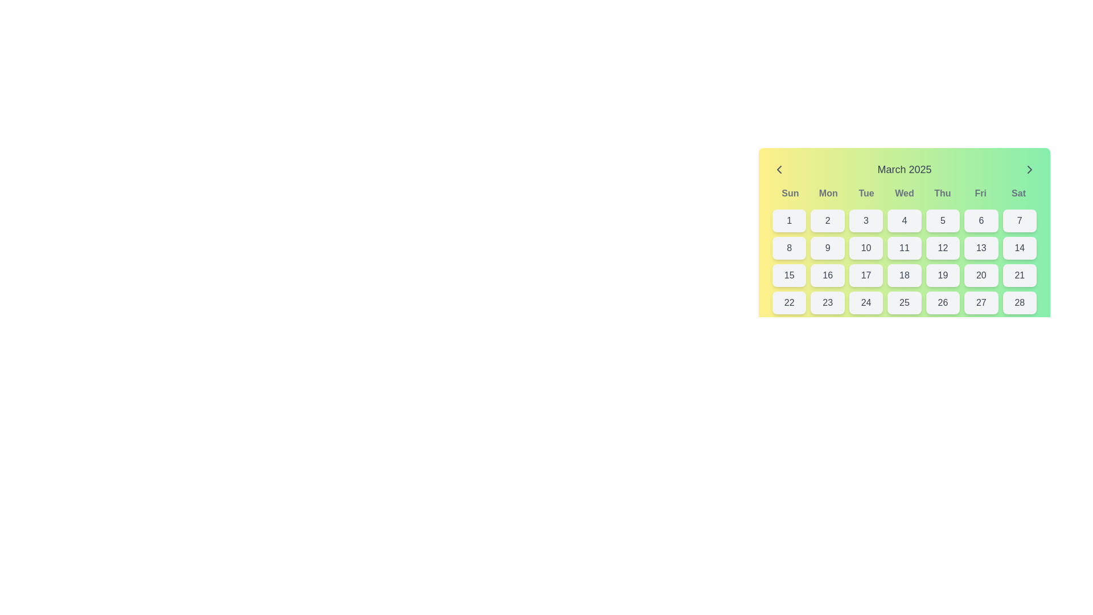  Describe the element at coordinates (980, 302) in the screenshot. I see `the button displaying '27' in the sixth row and sixth column of the calendar interface` at that location.